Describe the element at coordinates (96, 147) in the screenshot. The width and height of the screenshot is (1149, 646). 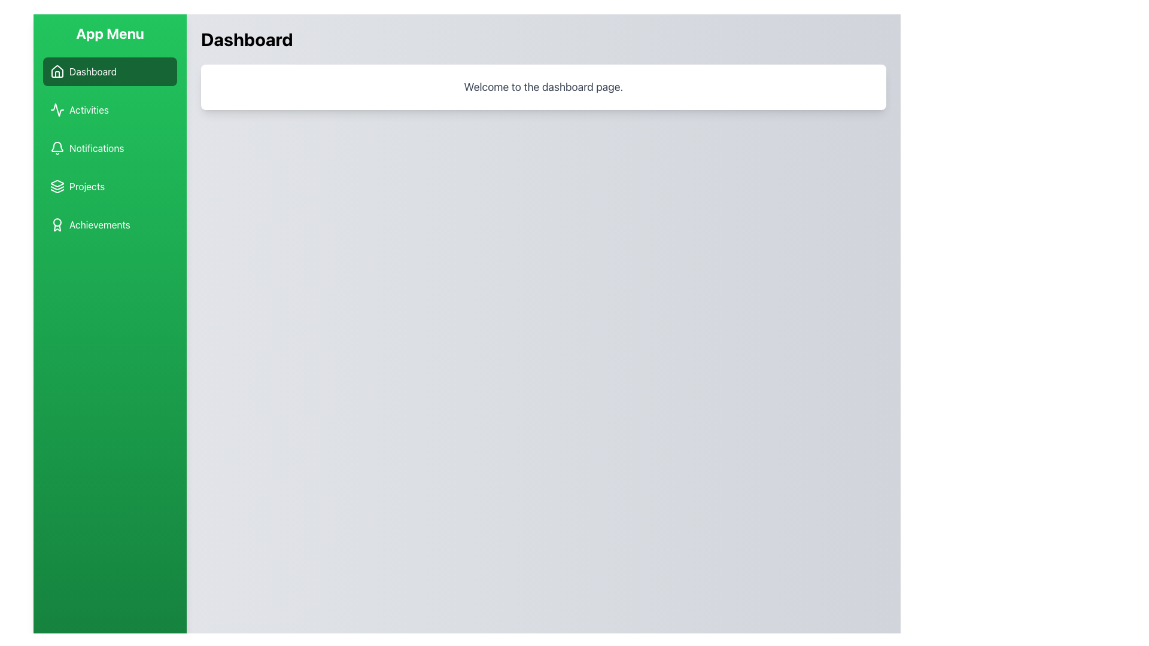
I see `the 'Notifications' text label` at that location.